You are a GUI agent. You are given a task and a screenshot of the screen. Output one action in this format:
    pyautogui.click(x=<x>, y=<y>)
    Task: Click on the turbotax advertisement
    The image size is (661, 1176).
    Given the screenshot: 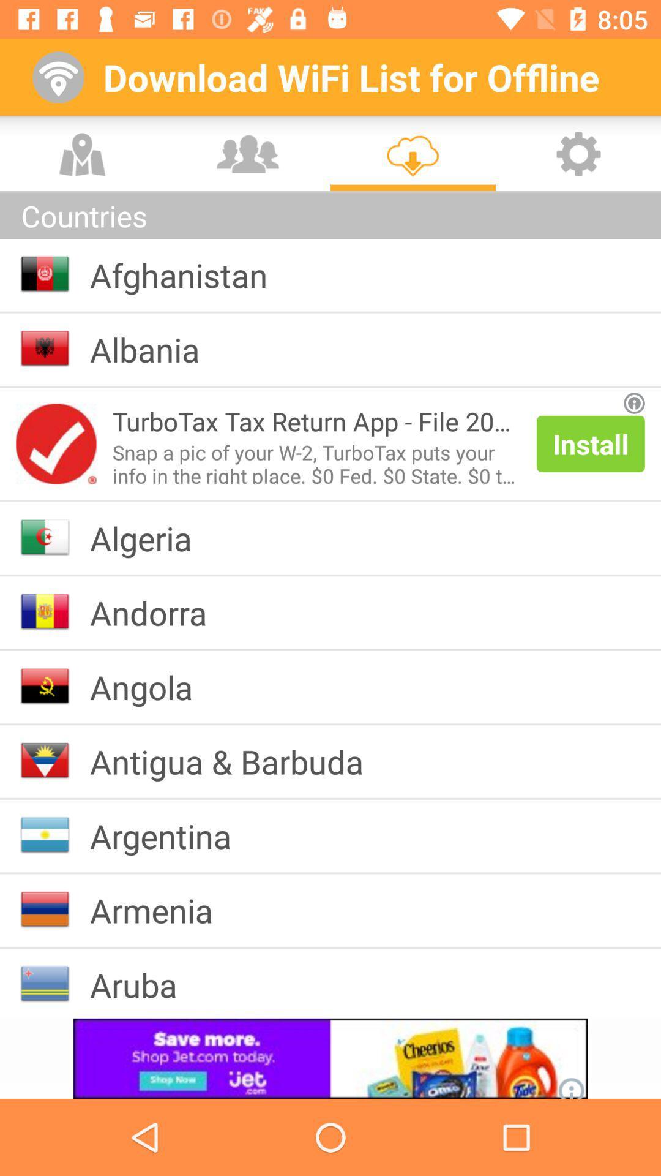 What is the action you would take?
    pyautogui.click(x=56, y=443)
    